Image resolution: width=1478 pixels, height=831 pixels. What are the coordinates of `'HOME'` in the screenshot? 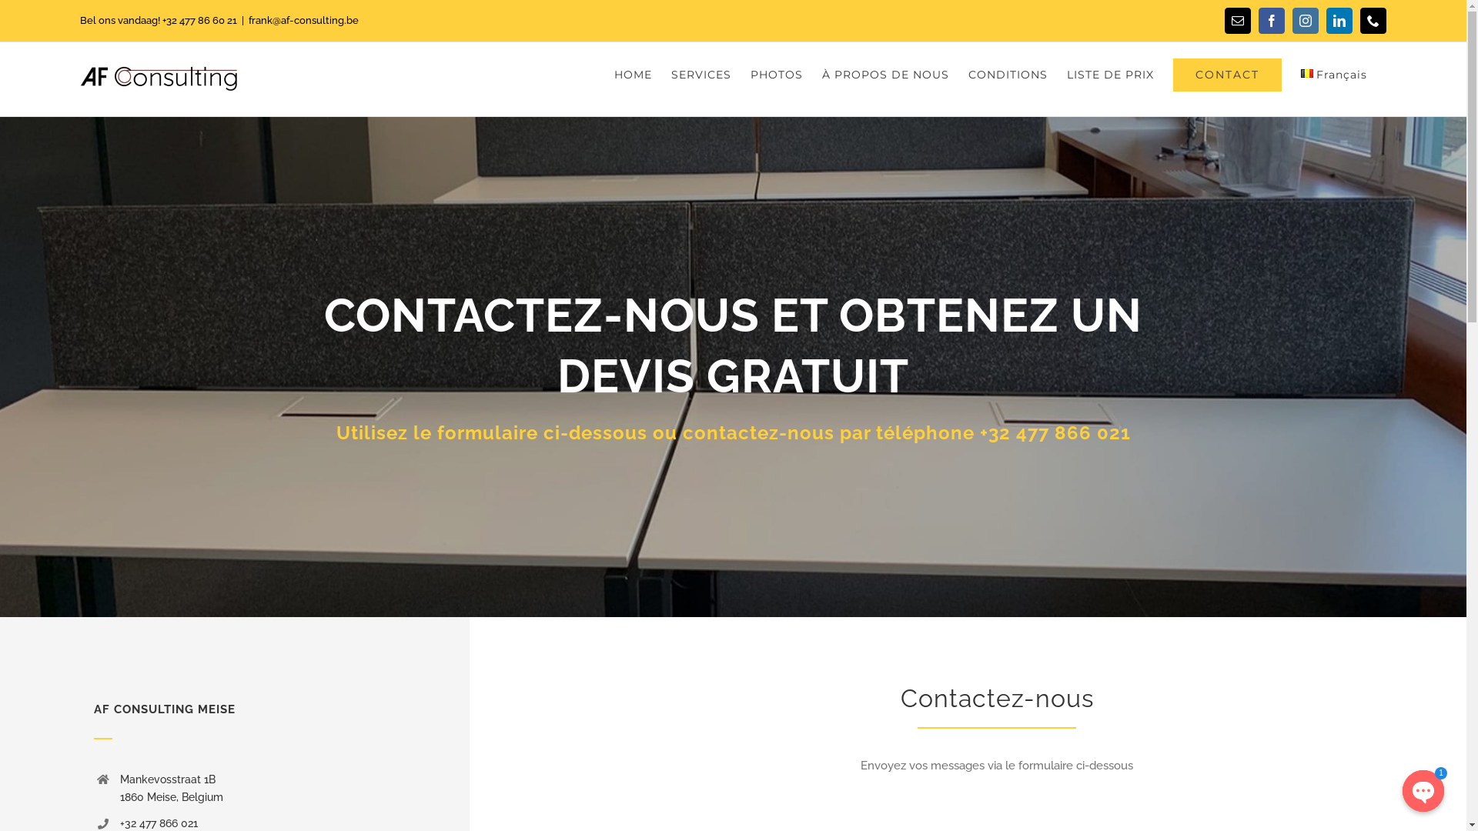 It's located at (633, 74).